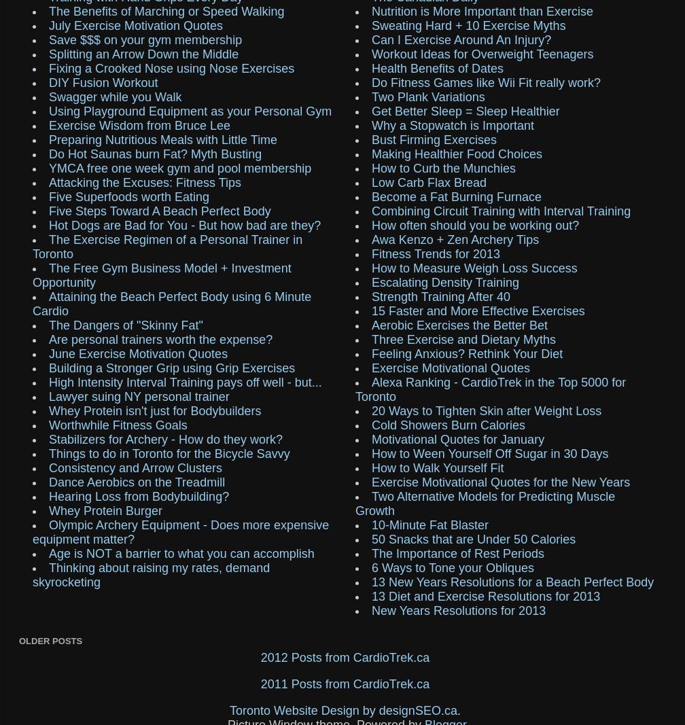  Describe the element at coordinates (475, 224) in the screenshot. I see `'How often should you be working out?'` at that location.